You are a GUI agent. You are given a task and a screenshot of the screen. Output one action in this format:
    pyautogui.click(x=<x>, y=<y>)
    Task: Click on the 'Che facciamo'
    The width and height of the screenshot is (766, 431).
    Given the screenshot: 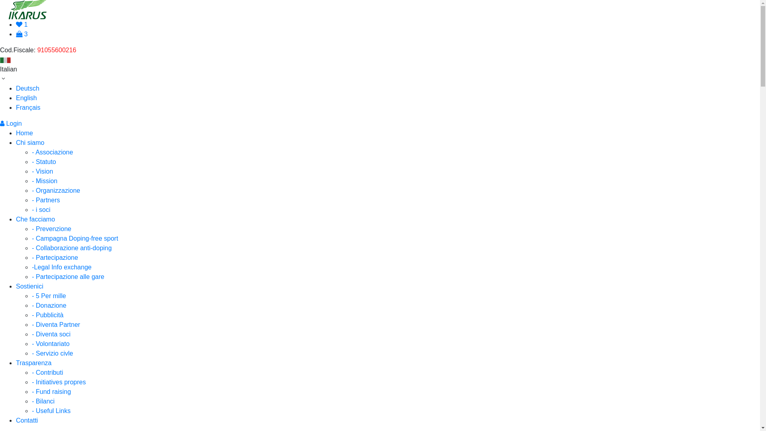 What is the action you would take?
    pyautogui.click(x=35, y=219)
    